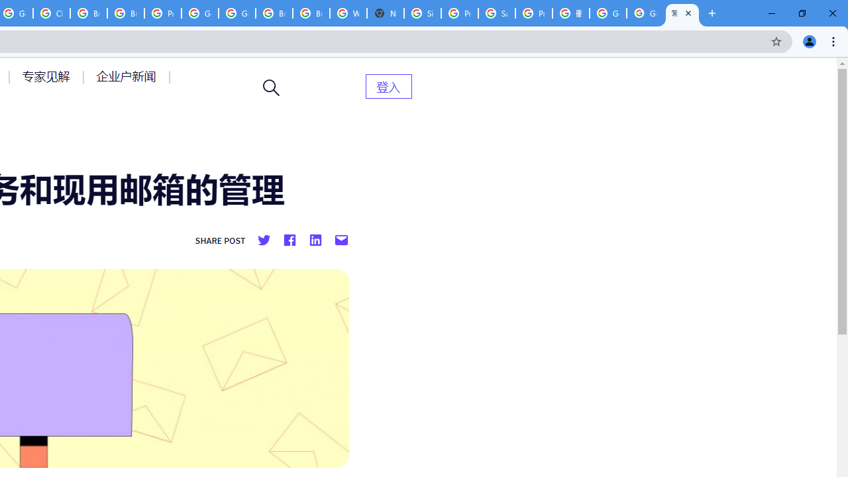 This screenshot has height=477, width=848. Describe the element at coordinates (422, 13) in the screenshot. I see `'Sign in - Google Accounts'` at that location.